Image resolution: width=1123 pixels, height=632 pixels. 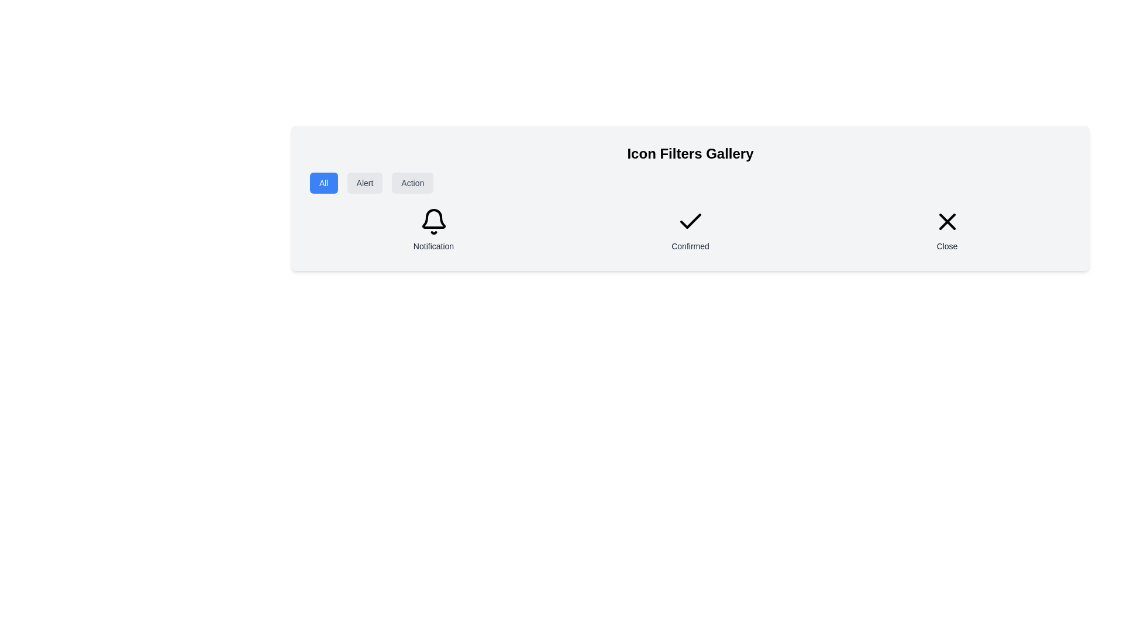 I want to click on the SVG Icon that visually represents confirmation, located above the label 'Confirmed' in the middle of a horizontally aligned group of icons, so click(x=690, y=221).